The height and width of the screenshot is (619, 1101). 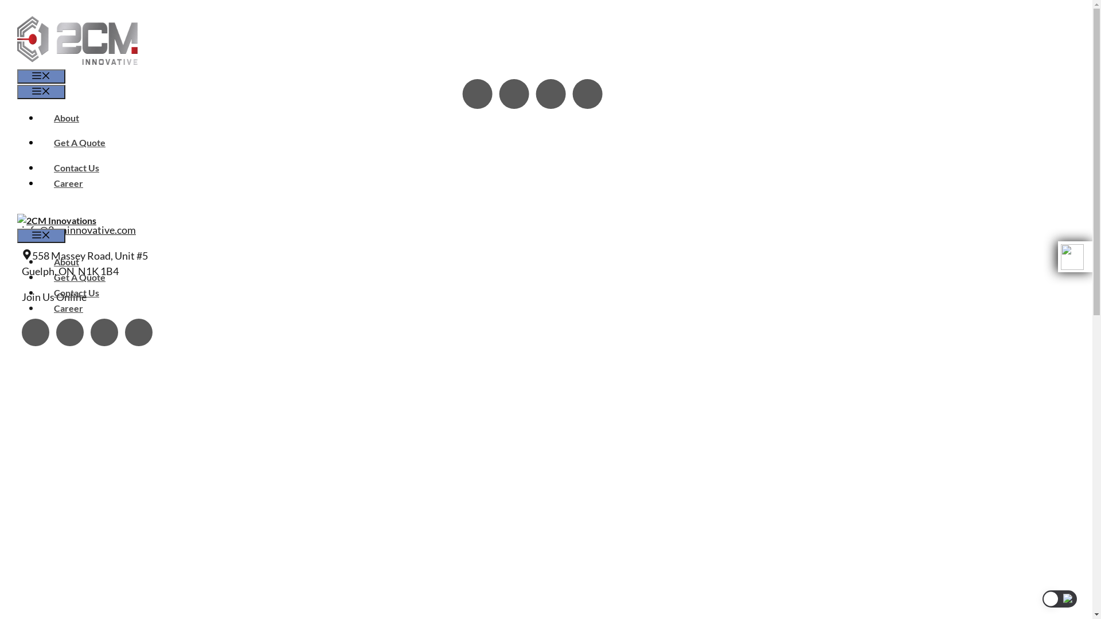 What do you see at coordinates (76, 167) in the screenshot?
I see `'Contact Us'` at bounding box center [76, 167].